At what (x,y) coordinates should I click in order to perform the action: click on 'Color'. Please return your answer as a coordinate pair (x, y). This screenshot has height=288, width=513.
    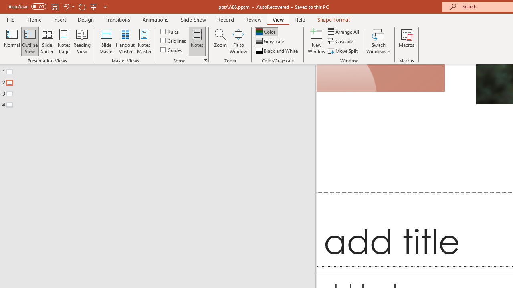
    Looking at the image, I should click on (266, 31).